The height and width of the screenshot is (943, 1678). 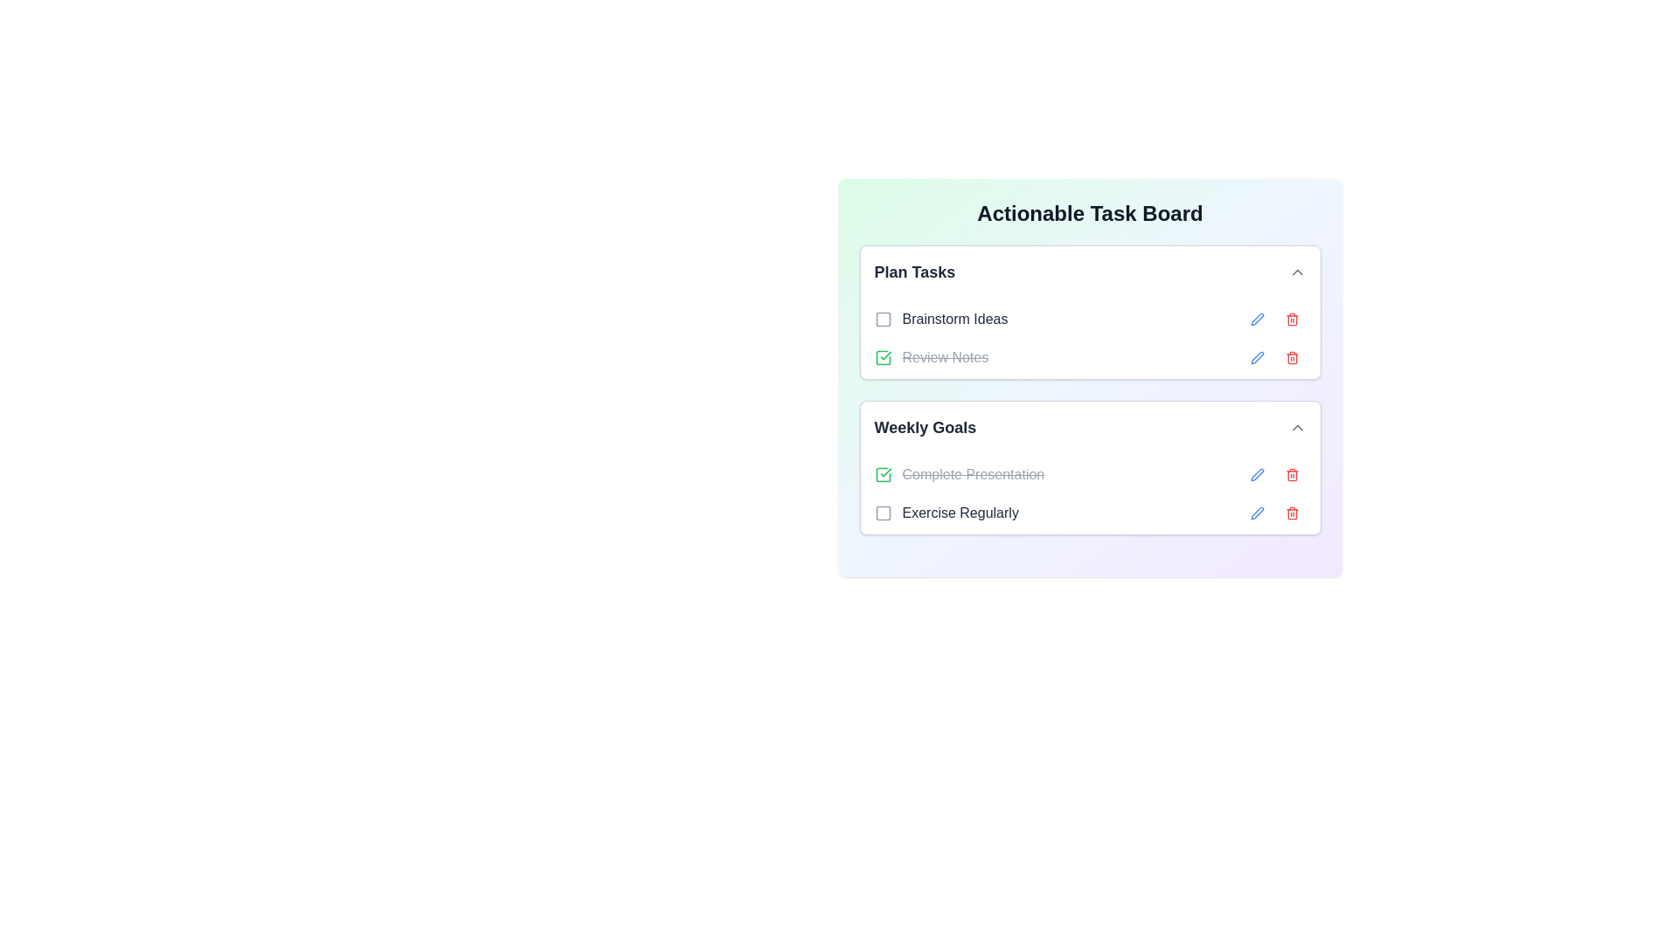 What do you see at coordinates (946, 512) in the screenshot?
I see `the text label 'Exercise Regularly' associated with the checkbox in the 'Weekly Goals' section of the 'Actionable Task Board'` at bounding box center [946, 512].